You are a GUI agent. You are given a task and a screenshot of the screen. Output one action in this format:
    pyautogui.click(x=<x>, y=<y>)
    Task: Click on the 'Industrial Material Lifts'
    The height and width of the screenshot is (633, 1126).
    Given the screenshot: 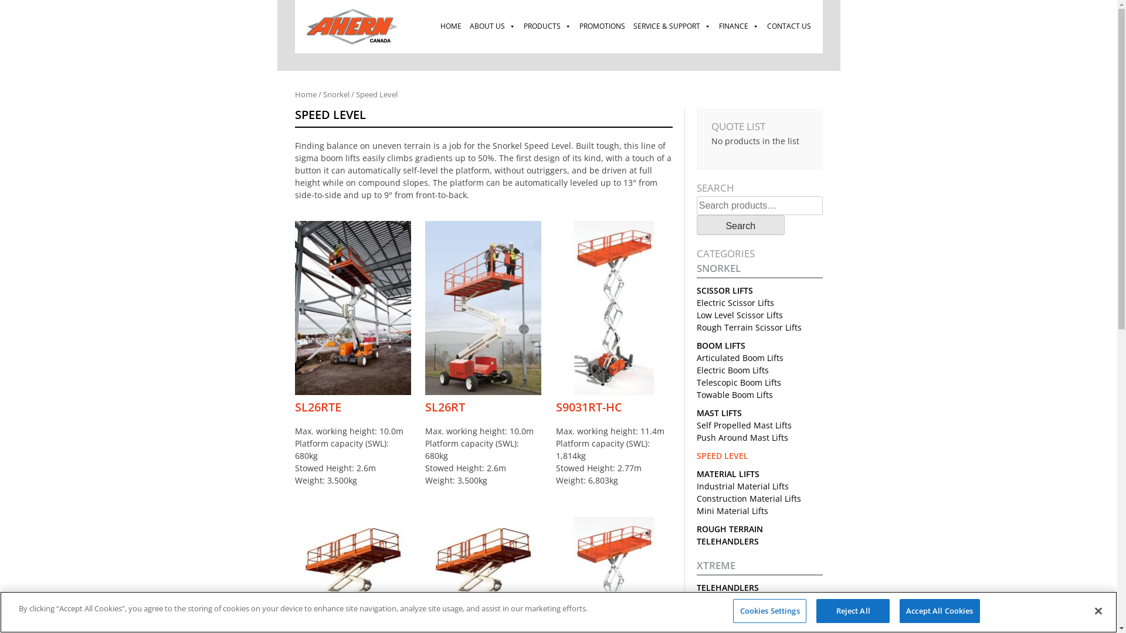 What is the action you would take?
    pyautogui.click(x=697, y=486)
    